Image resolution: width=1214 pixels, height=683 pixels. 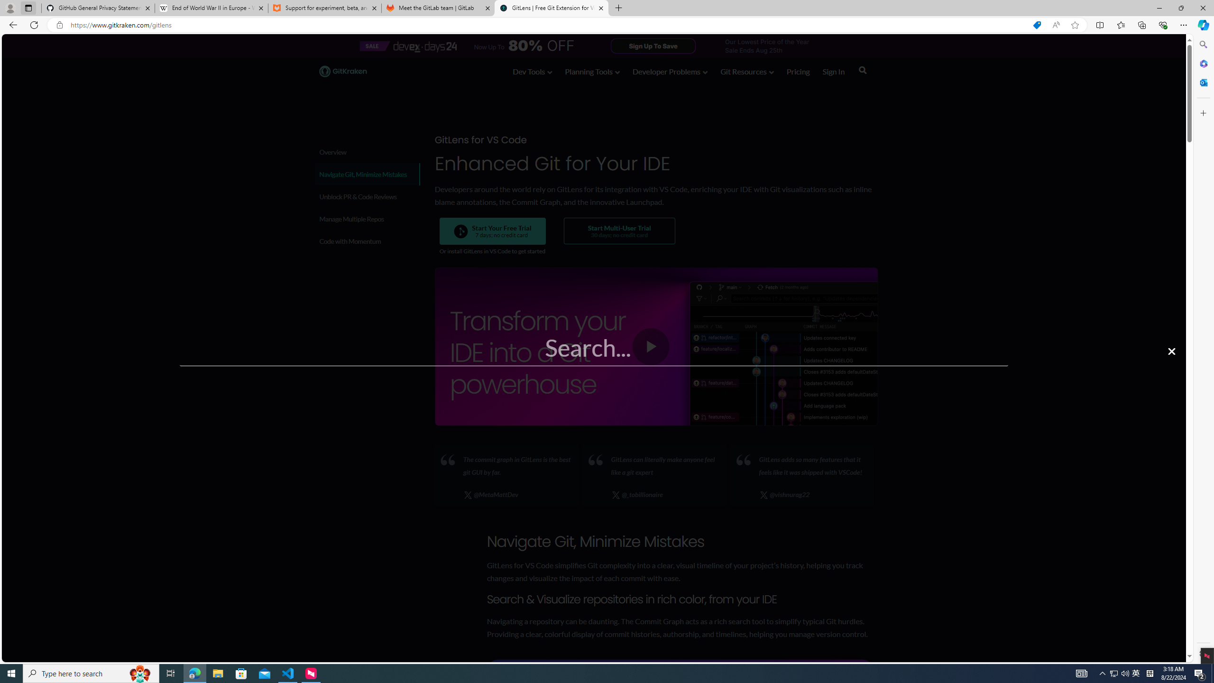 I want to click on 'Start Multi-User Trial 30 days; no credit card', so click(x=618, y=231).